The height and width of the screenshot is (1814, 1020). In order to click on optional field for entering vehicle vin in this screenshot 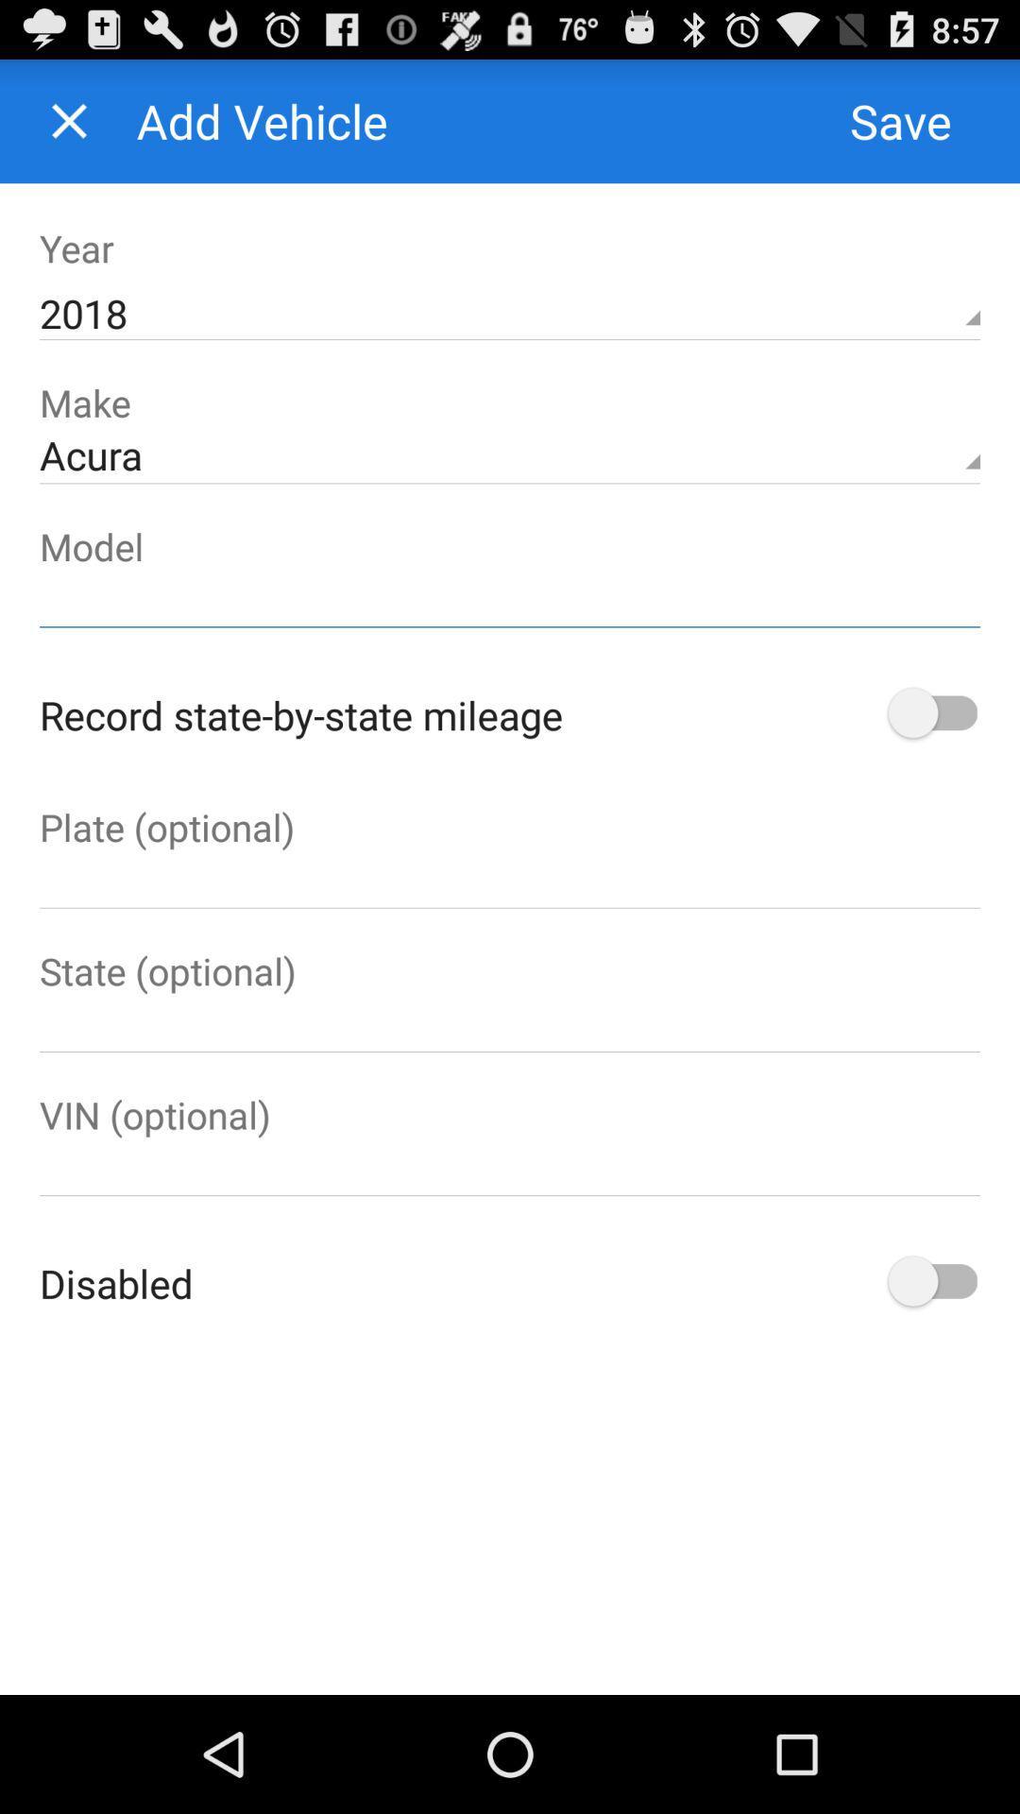, I will do `click(510, 1167)`.